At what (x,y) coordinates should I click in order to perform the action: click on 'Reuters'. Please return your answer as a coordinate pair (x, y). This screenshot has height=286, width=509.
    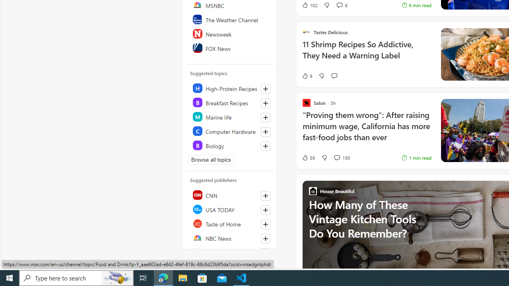
    Looking at the image, I should click on (229, 252).